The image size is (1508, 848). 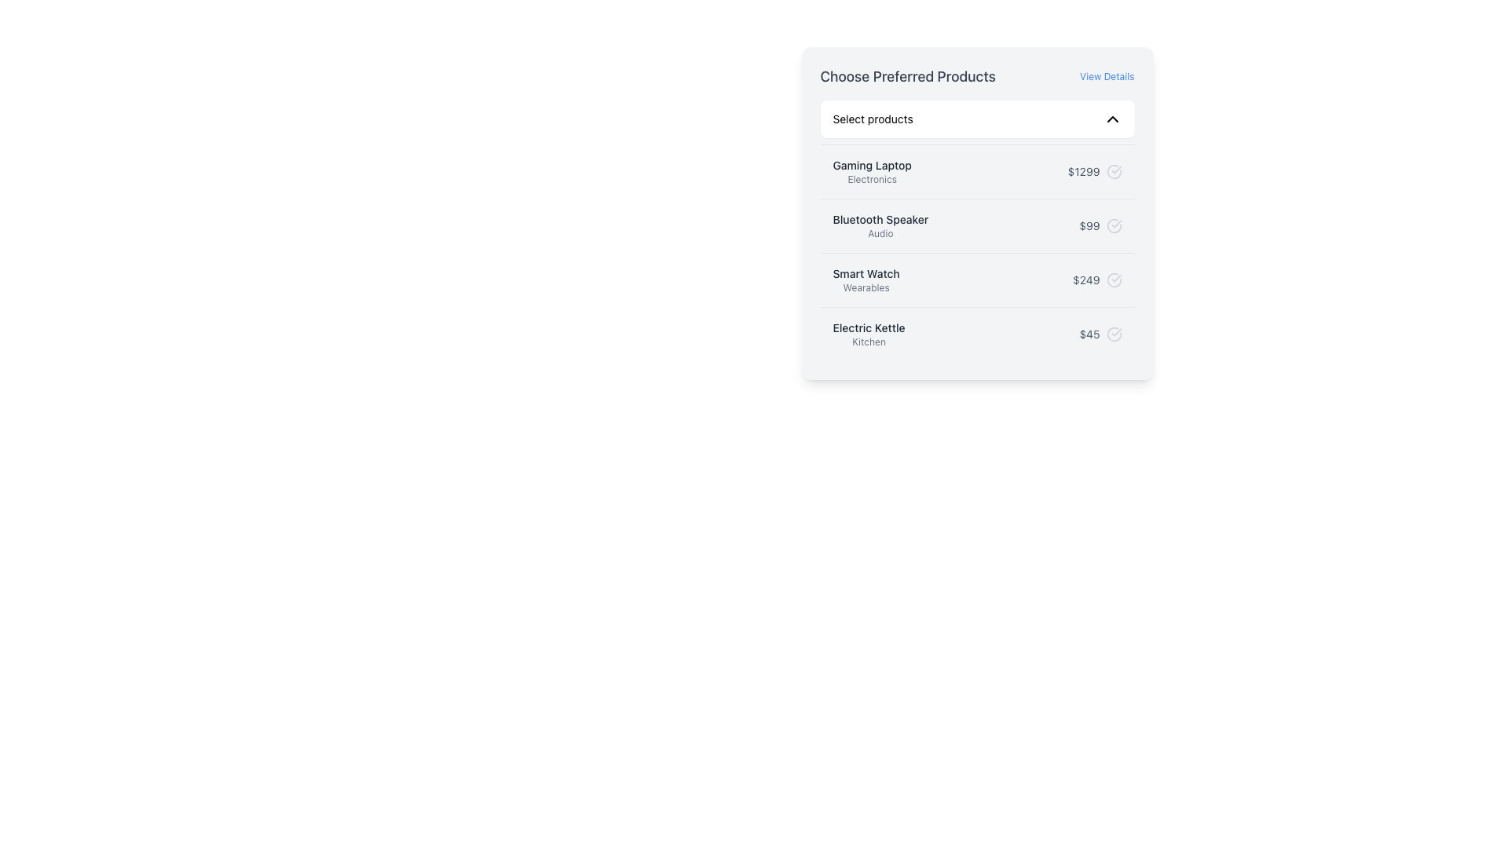 What do you see at coordinates (1094, 172) in the screenshot?
I see `the Price label indicating the cost of the 'Gaming Laptop' in the 'Choose Preferred Products' interface` at bounding box center [1094, 172].